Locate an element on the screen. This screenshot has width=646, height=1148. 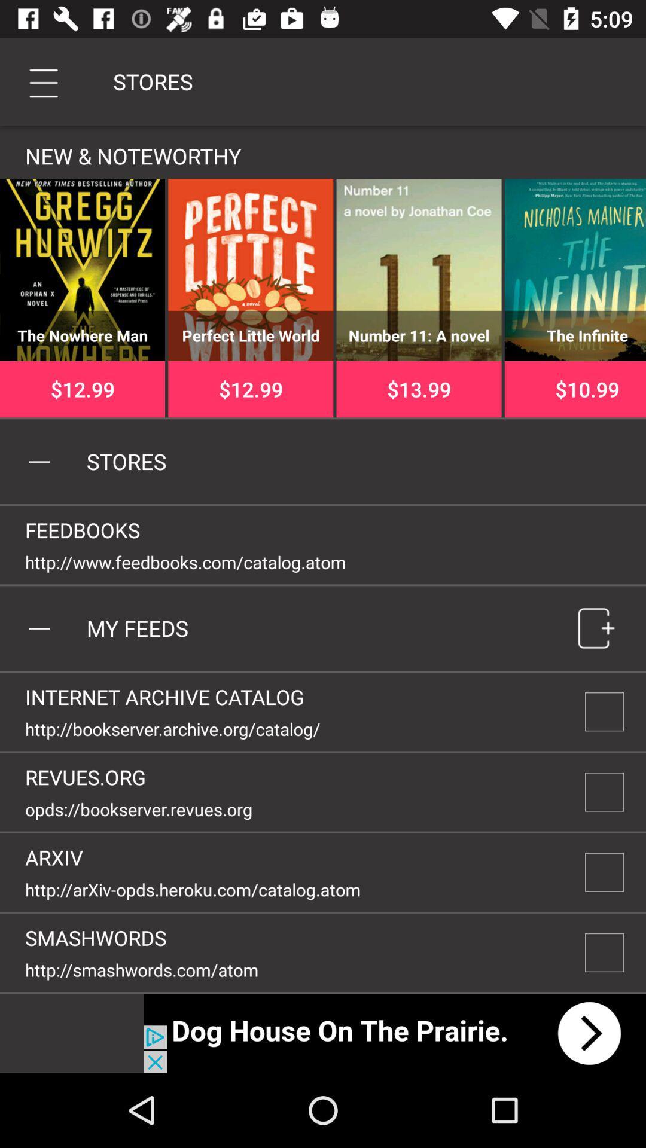
next is located at coordinates (394, 1033).